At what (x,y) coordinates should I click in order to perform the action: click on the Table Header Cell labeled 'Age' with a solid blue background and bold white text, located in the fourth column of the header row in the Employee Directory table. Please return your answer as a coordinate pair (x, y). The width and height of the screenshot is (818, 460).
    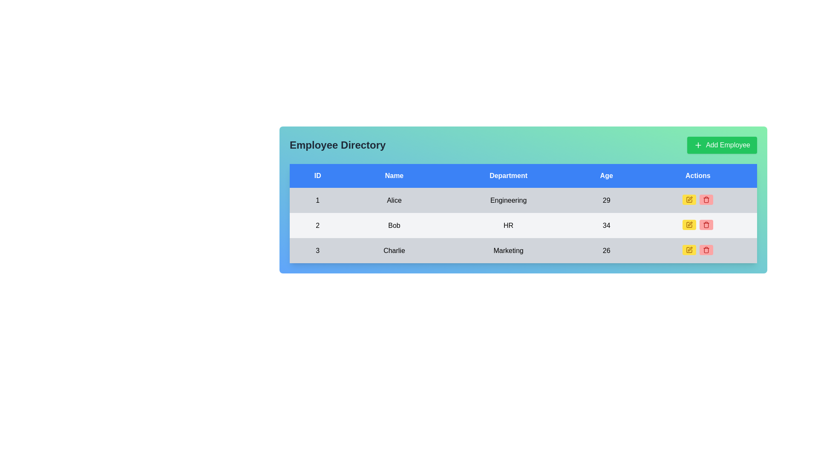
    Looking at the image, I should click on (606, 175).